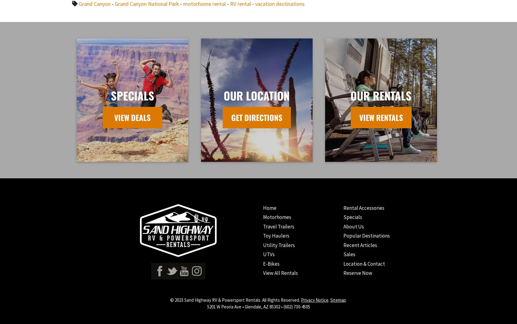 The width and height of the screenshot is (517, 324). Describe the element at coordinates (353, 226) in the screenshot. I see `'About Us'` at that location.